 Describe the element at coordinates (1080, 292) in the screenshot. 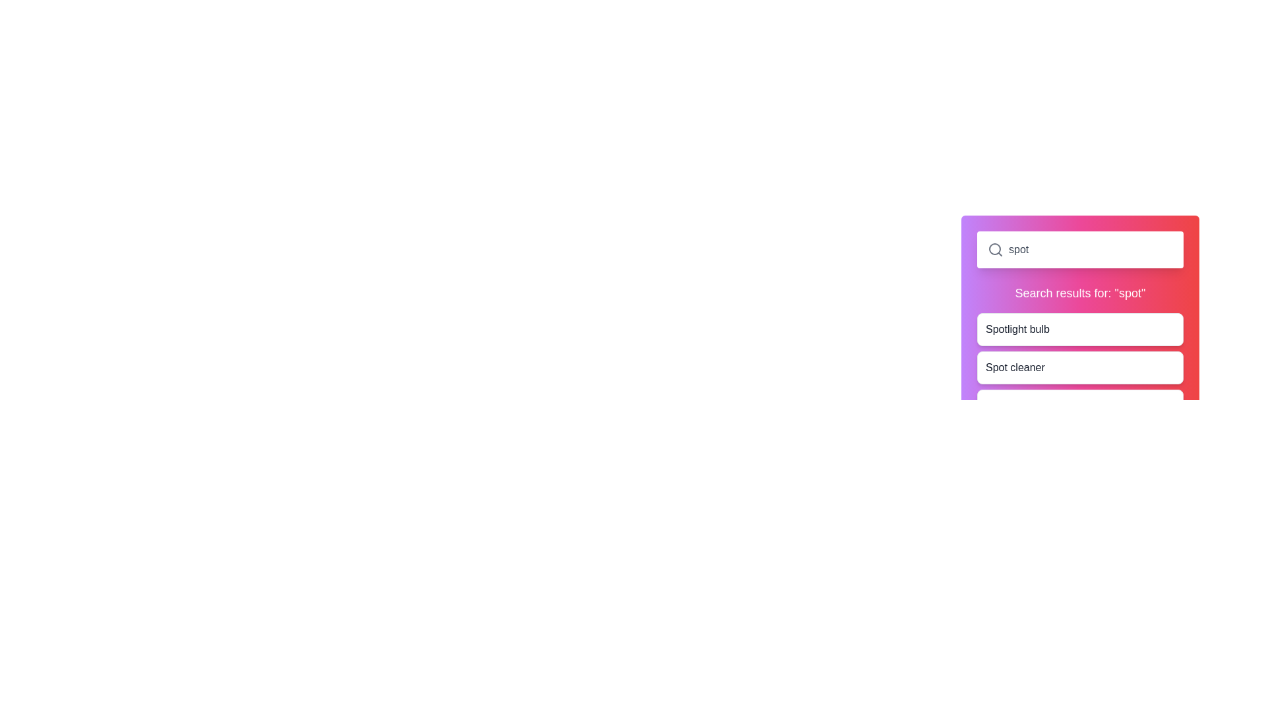

I see `the Text Label displaying 'Search results for: "spot"' which is centrally located below the search input box and above the list of search results` at that location.